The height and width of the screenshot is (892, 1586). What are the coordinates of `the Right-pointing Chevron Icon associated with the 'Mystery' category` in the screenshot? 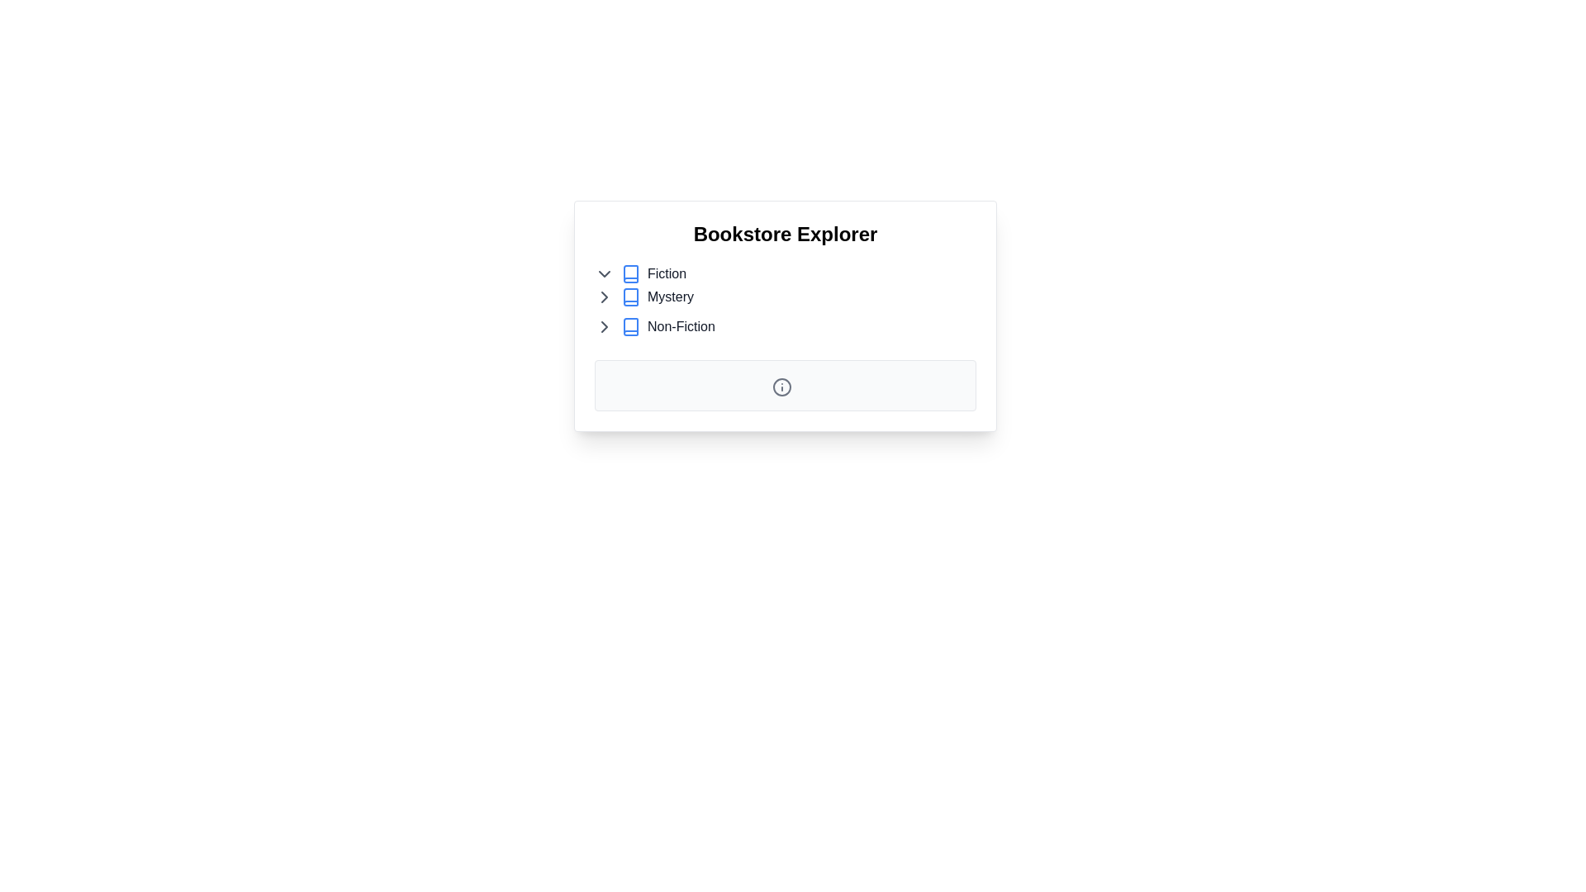 It's located at (603, 296).